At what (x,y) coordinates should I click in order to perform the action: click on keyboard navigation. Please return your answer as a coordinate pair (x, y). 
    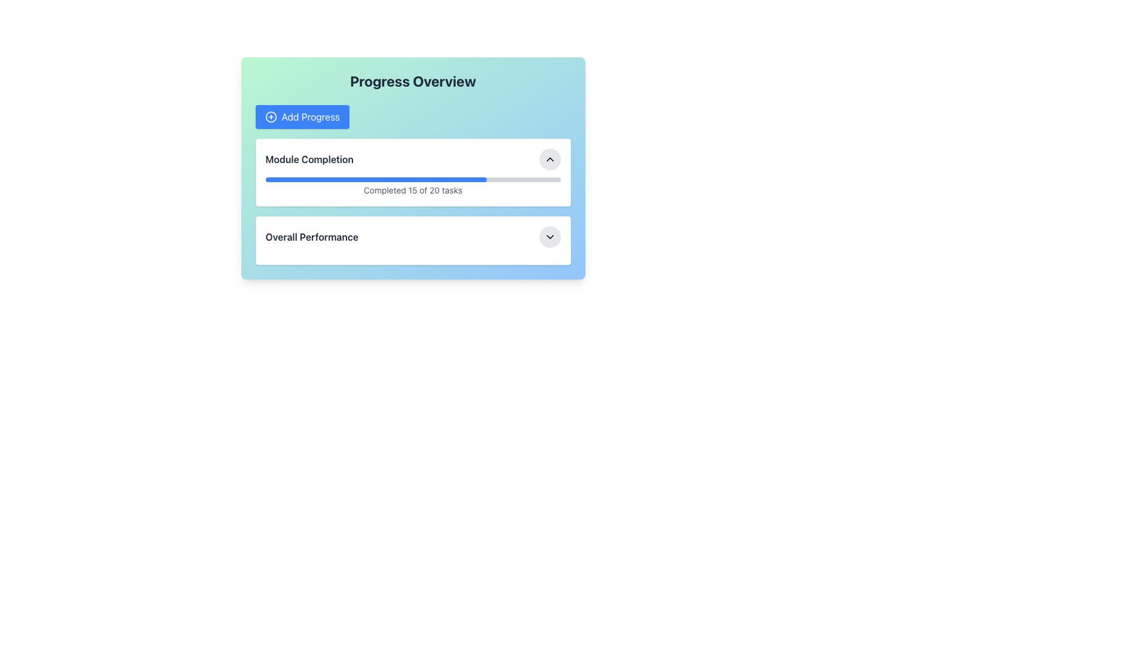
    Looking at the image, I should click on (311, 117).